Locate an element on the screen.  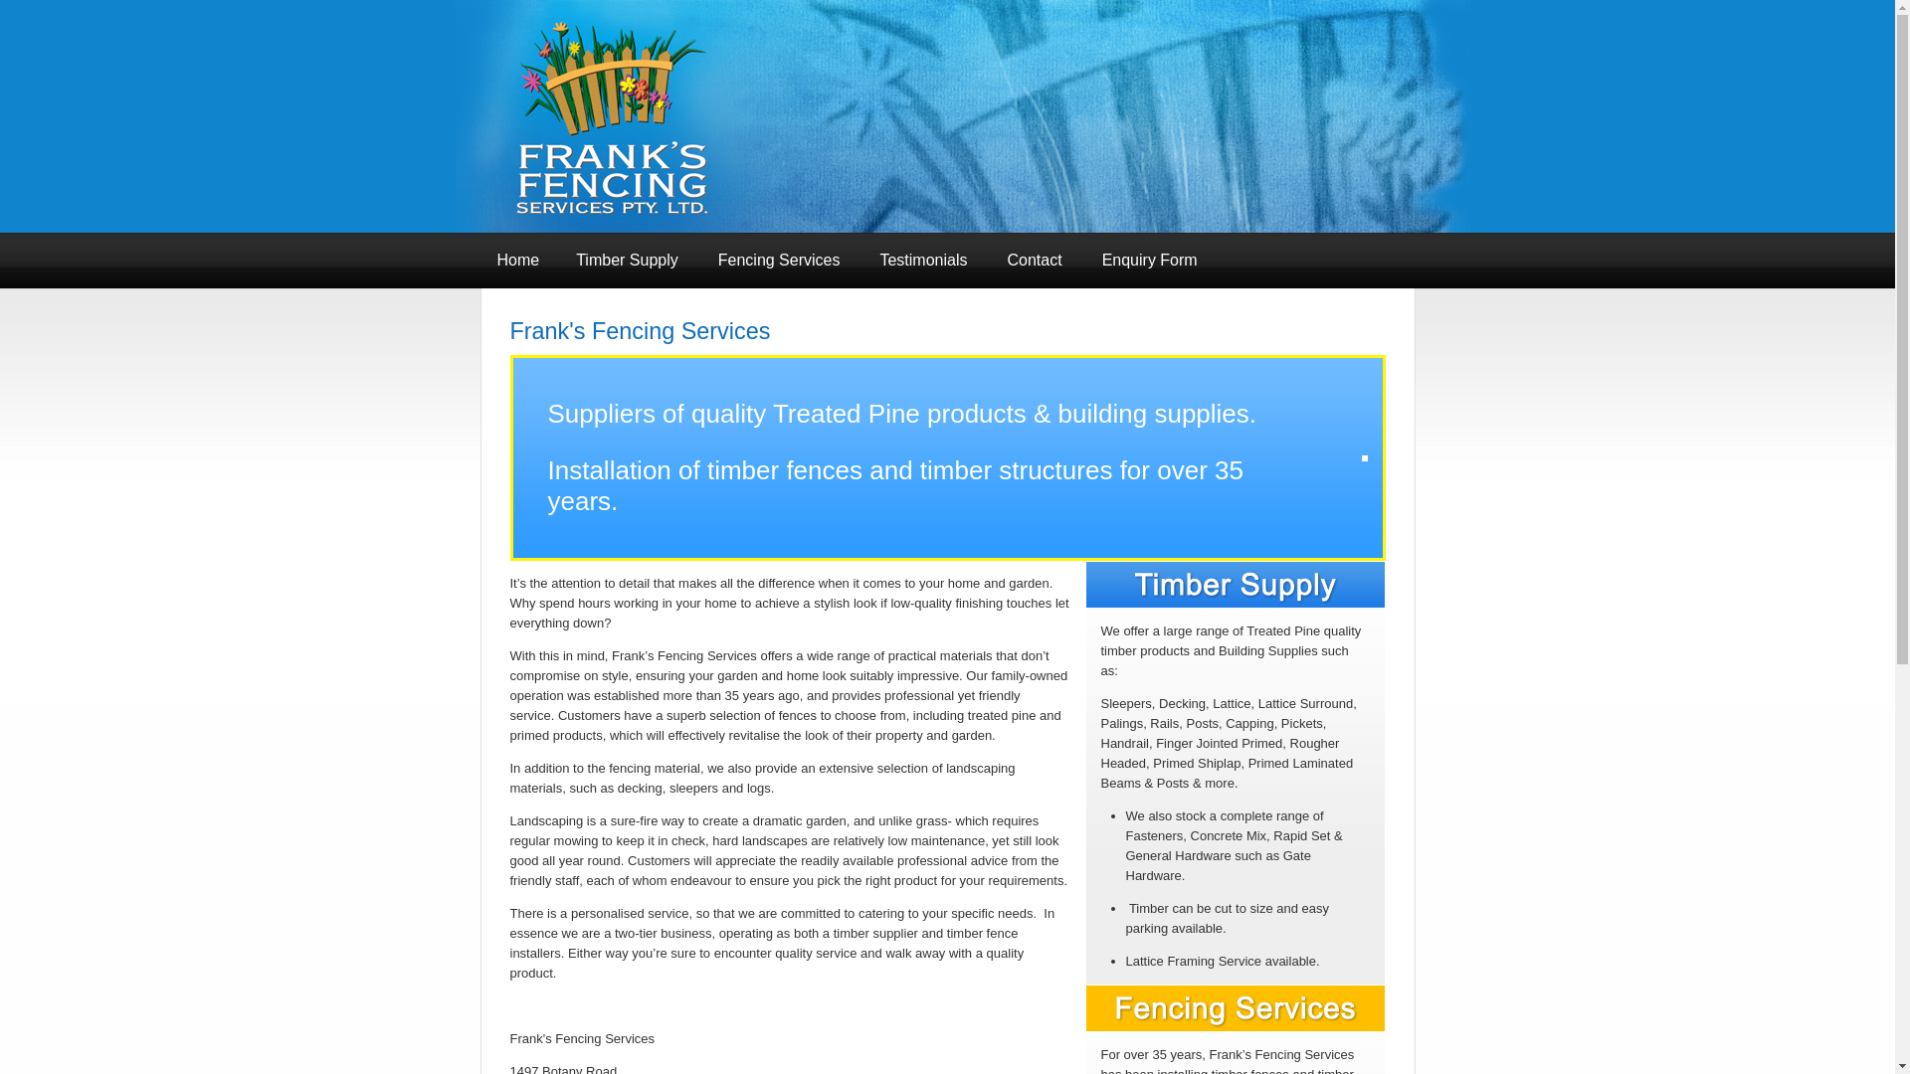
'Testimonials' is located at coordinates (859, 260).